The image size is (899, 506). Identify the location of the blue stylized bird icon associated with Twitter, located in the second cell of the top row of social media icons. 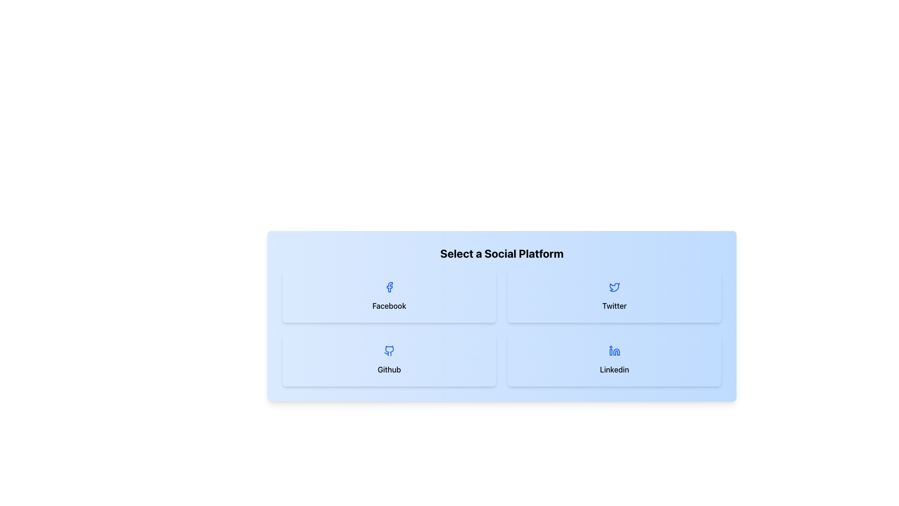
(614, 287).